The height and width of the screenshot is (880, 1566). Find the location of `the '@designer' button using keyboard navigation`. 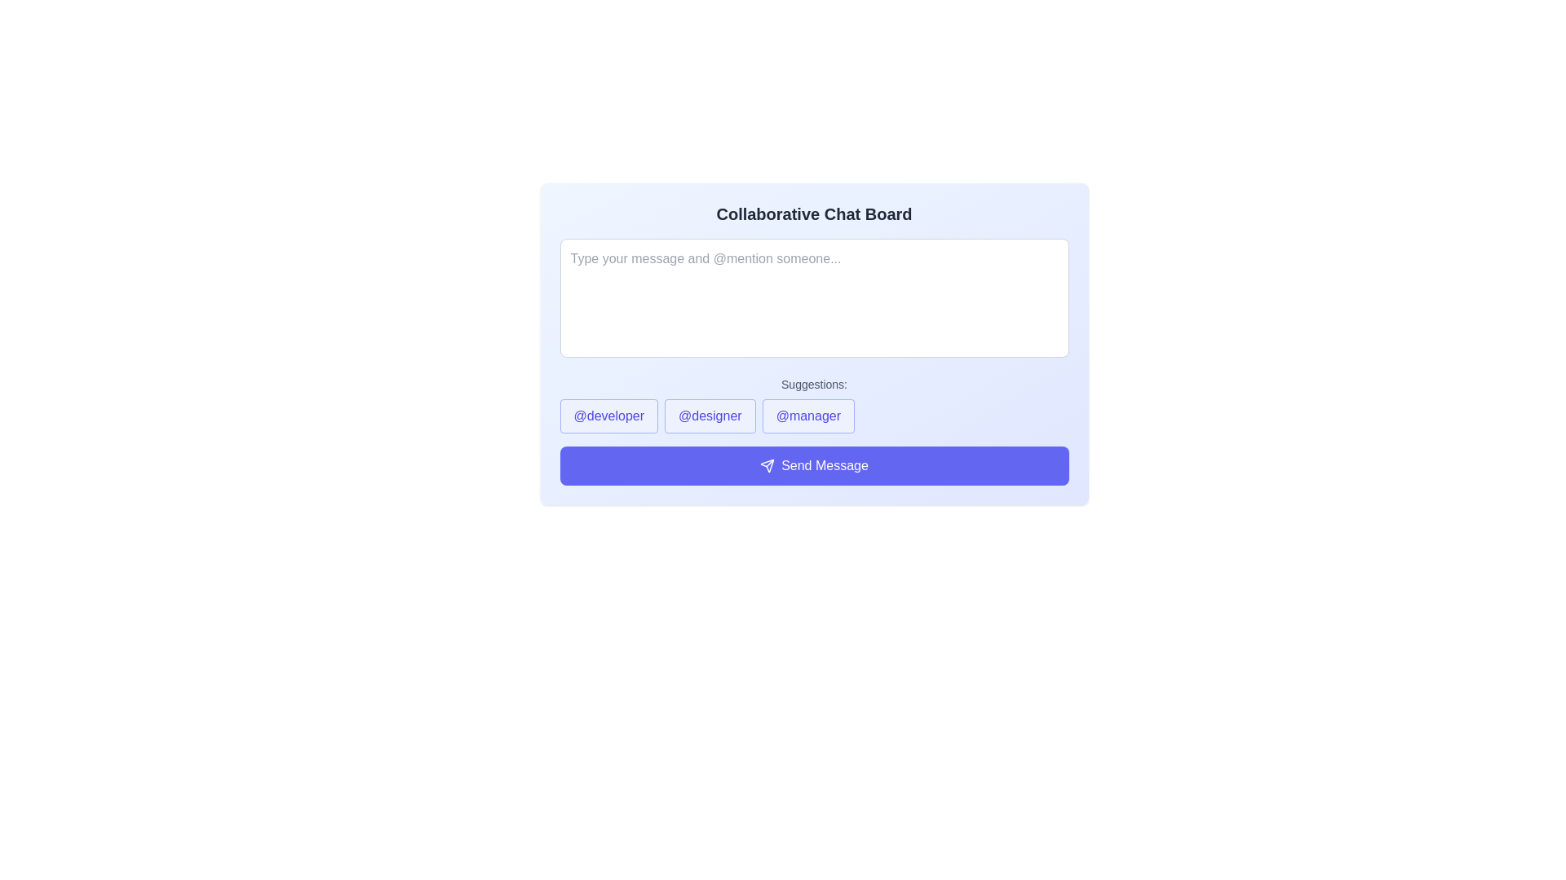

the '@designer' button using keyboard navigation is located at coordinates (710, 415).